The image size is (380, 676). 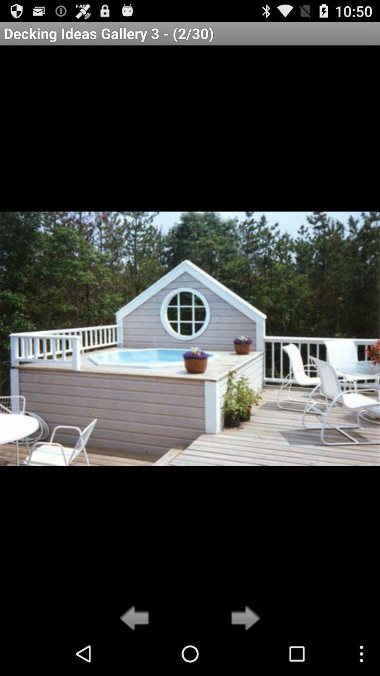 What do you see at coordinates (136, 618) in the screenshot?
I see `back` at bounding box center [136, 618].